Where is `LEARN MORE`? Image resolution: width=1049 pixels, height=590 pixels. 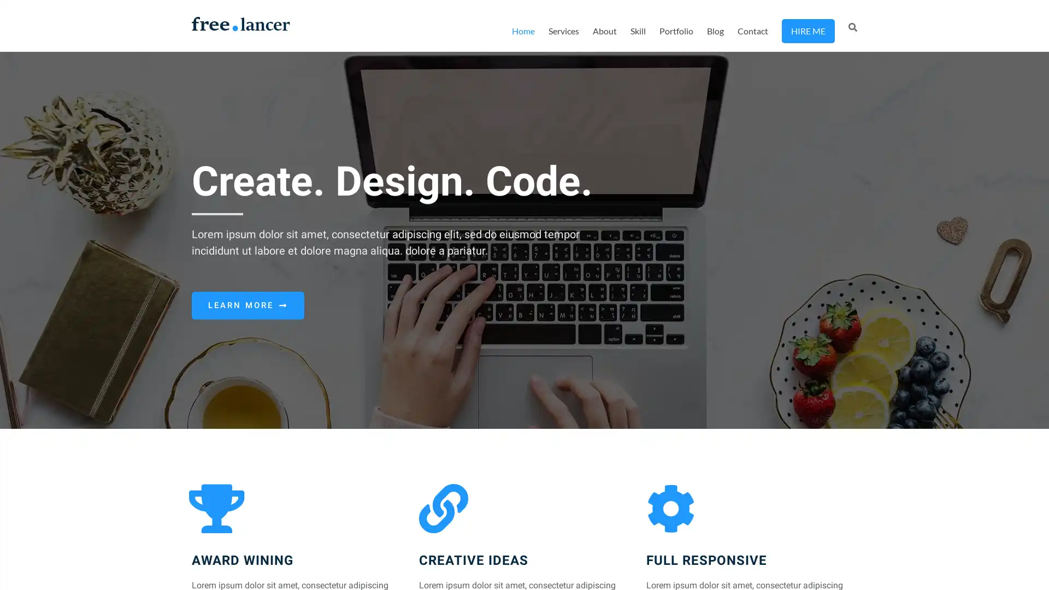
LEARN MORE is located at coordinates (247, 305).